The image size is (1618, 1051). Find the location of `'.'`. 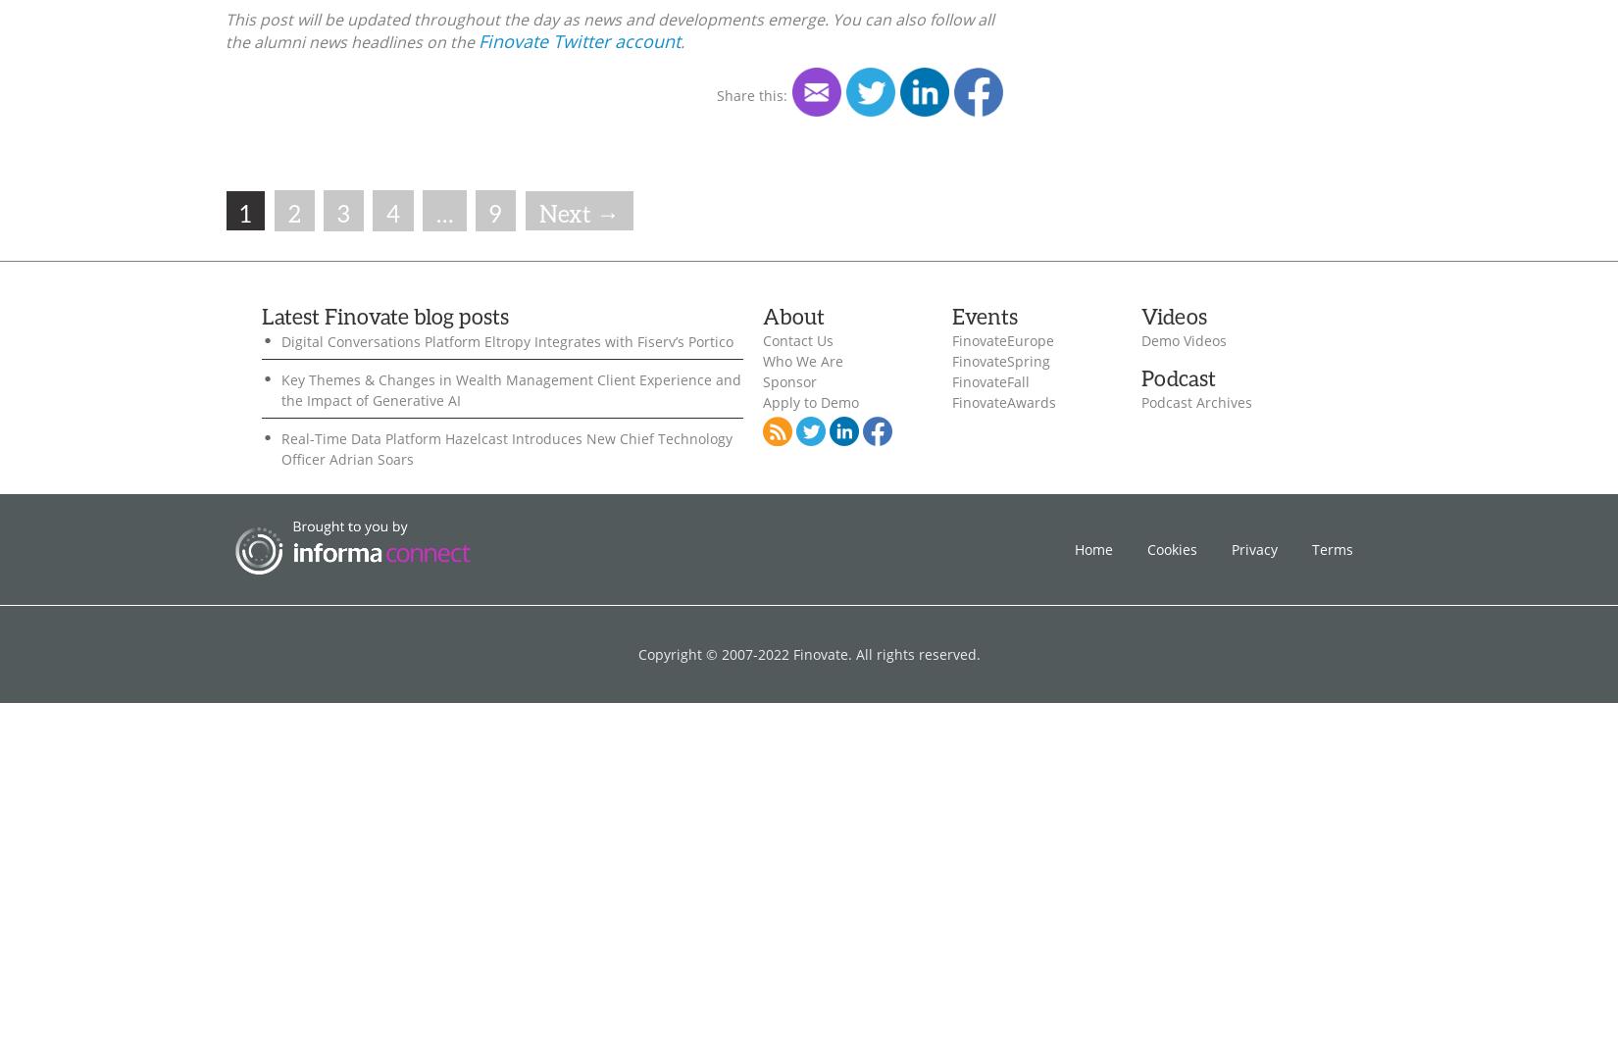

'.' is located at coordinates (679, 40).